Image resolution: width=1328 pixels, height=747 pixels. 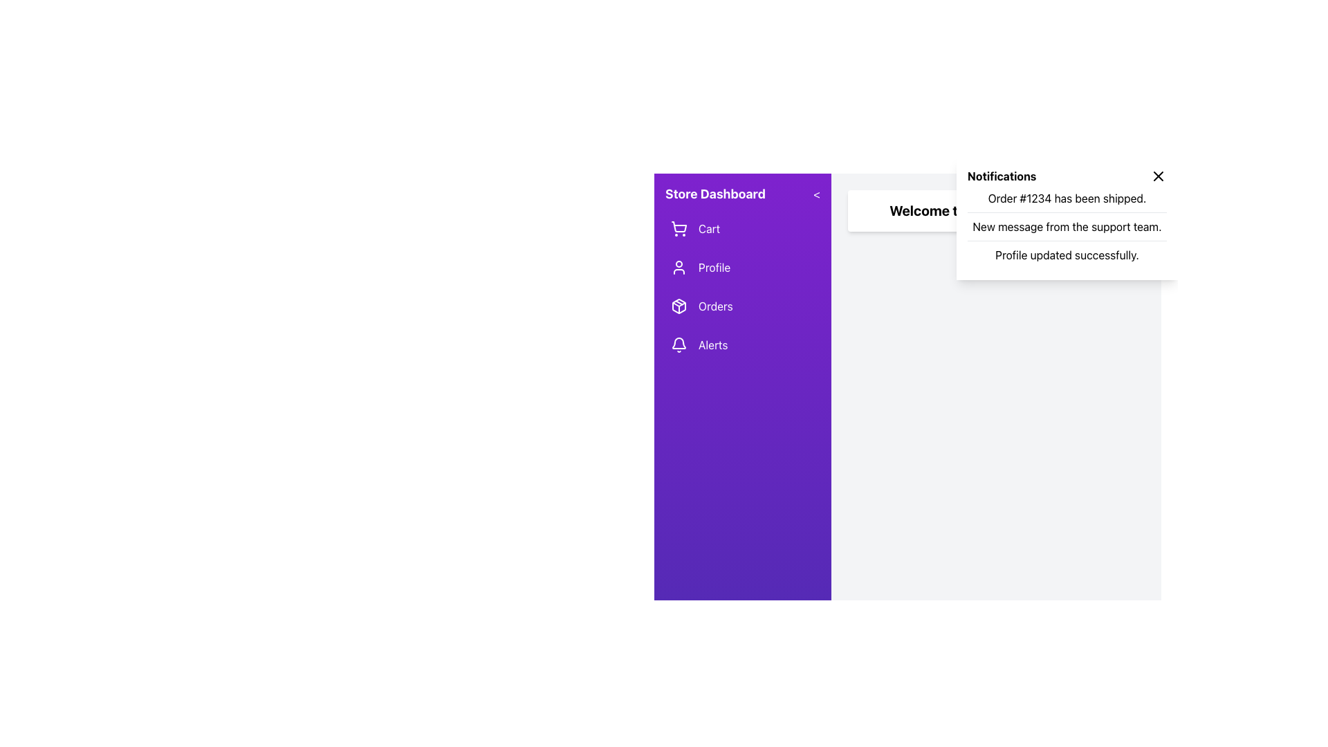 I want to click on text displayed as 'New message from the support team.' located in the notifications section of the UI, so click(x=1066, y=225).